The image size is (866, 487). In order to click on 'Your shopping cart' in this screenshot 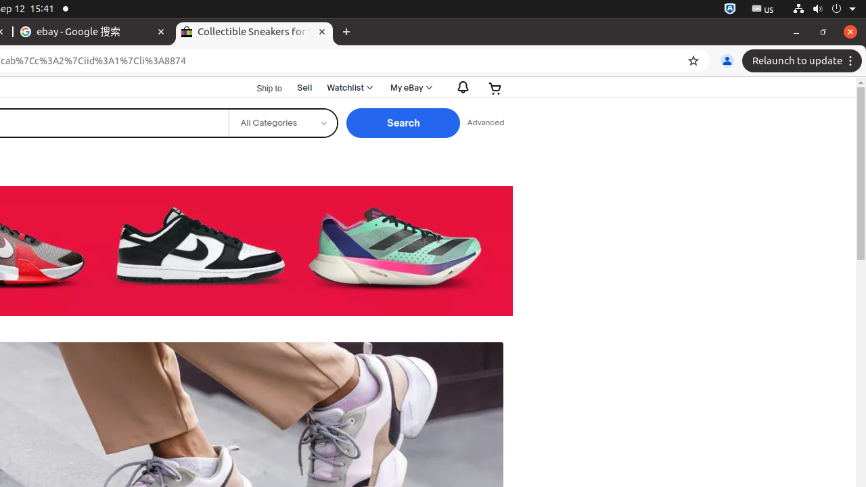, I will do `click(495, 88)`.